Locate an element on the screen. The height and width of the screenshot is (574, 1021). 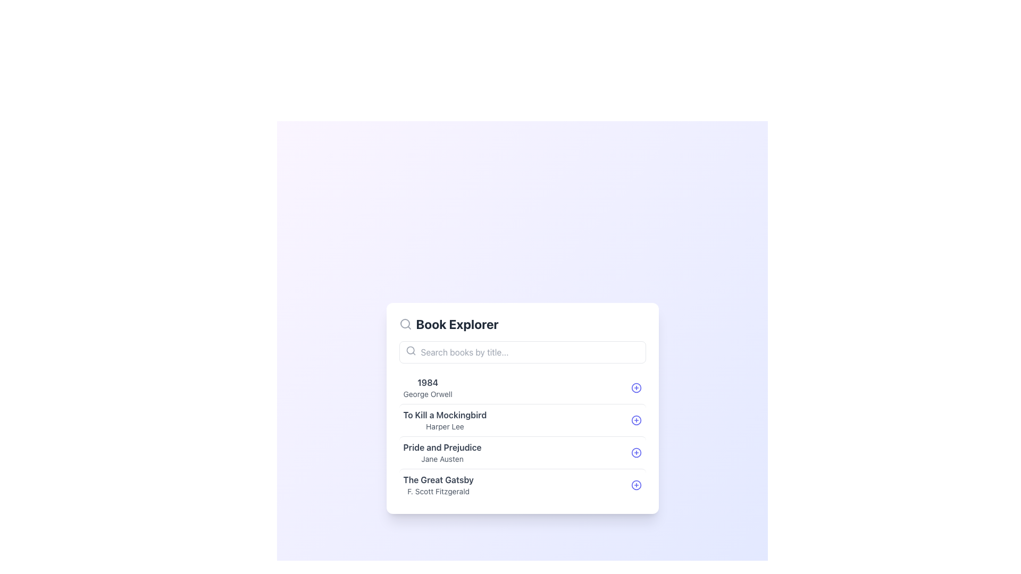
the circular indigo button icon with a plus sign located towards the right end of the row containing '1984' and 'George Orwell' is located at coordinates (636, 387).